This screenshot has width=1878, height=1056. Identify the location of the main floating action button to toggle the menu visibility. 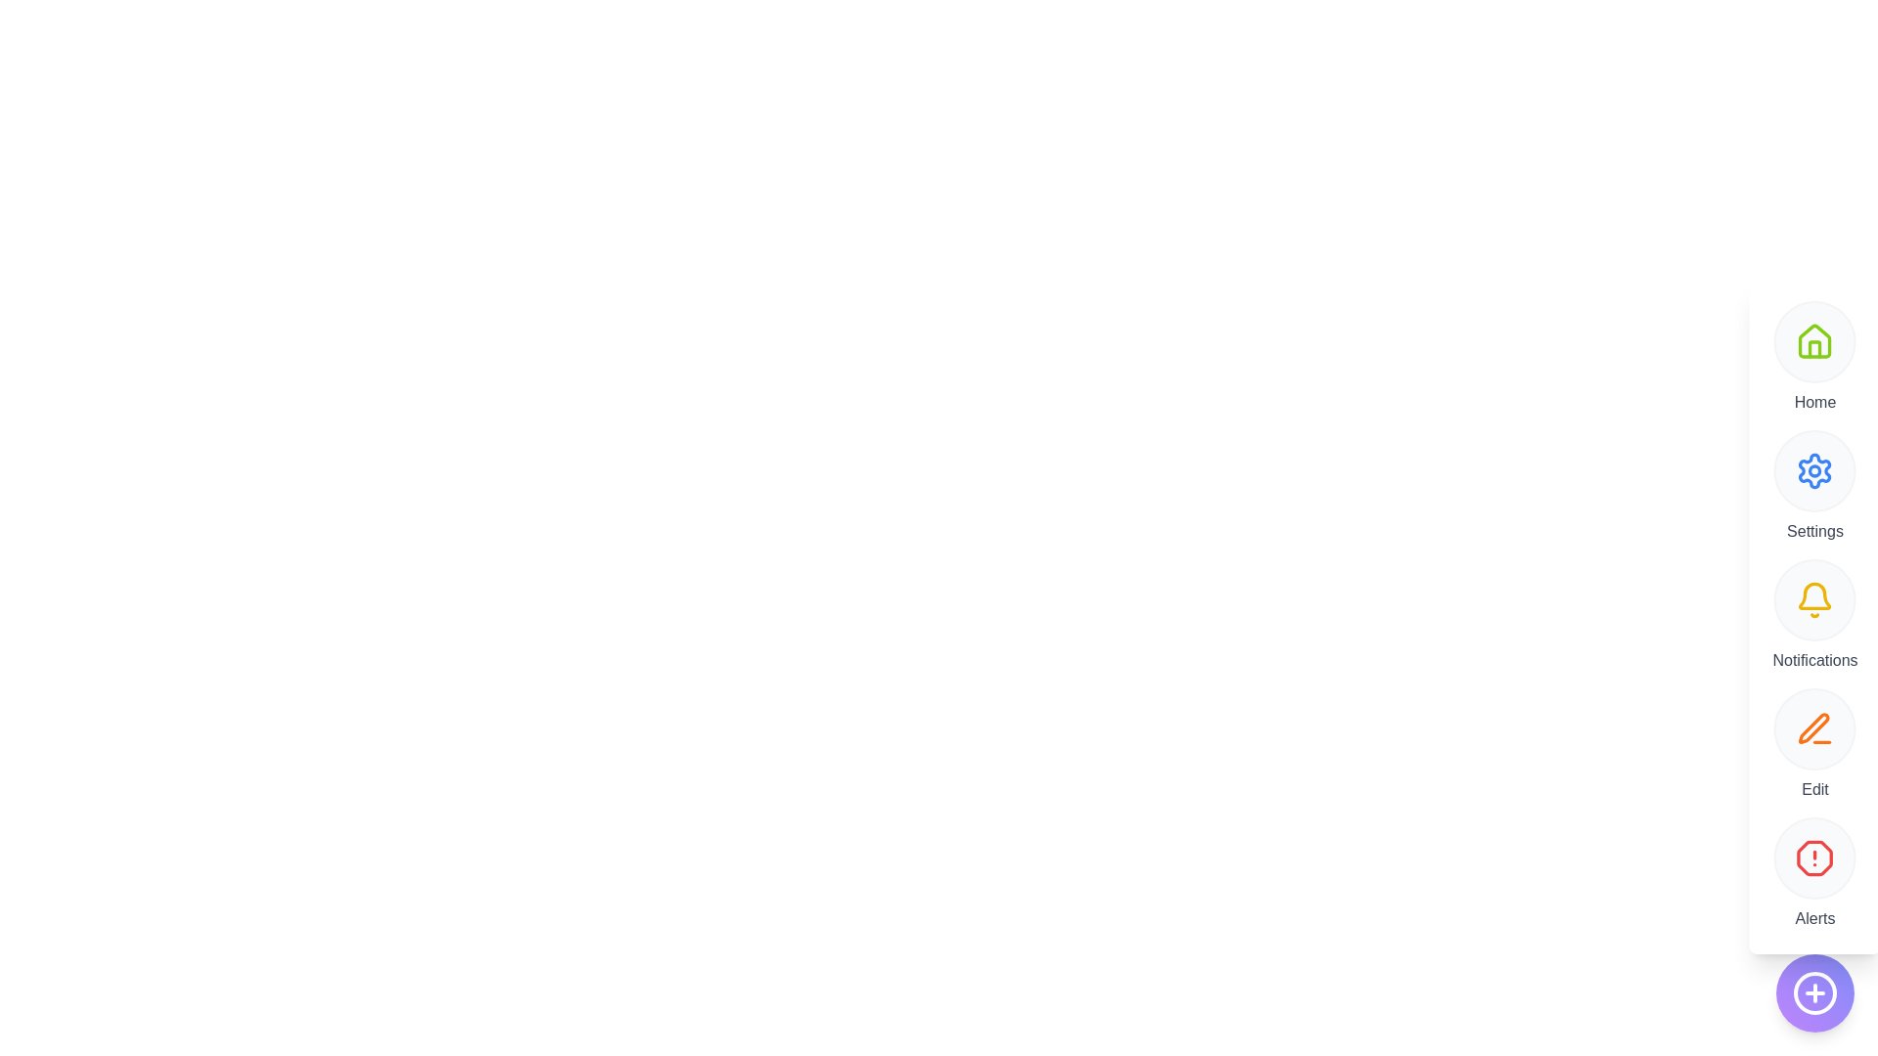
(1814, 992).